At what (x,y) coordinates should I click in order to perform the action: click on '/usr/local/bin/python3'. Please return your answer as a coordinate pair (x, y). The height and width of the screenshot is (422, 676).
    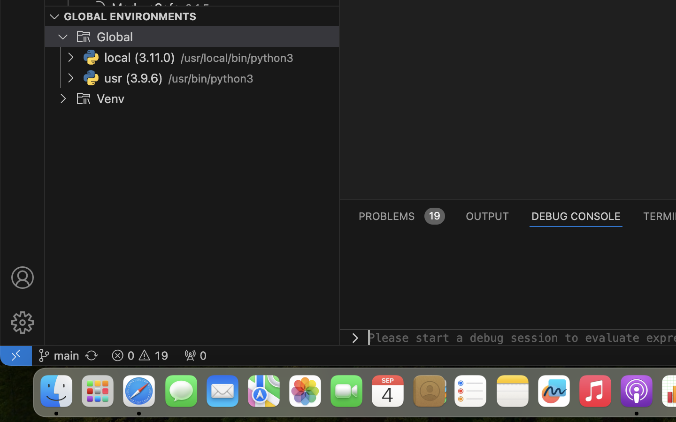
    Looking at the image, I should click on (237, 58).